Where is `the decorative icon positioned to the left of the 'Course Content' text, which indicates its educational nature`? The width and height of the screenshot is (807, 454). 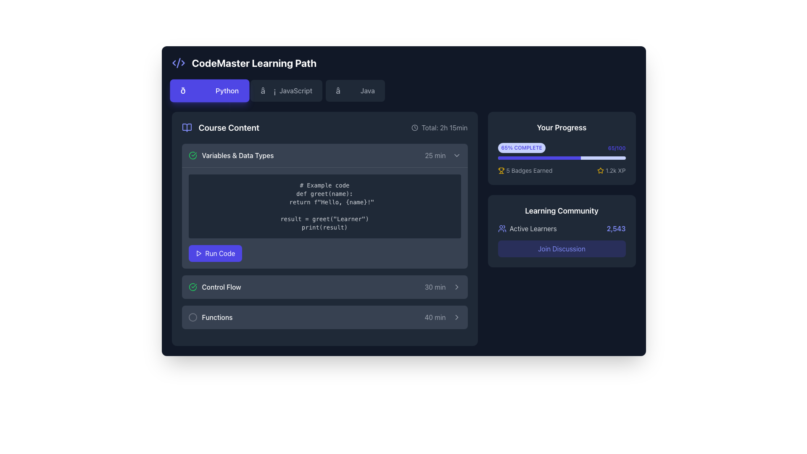 the decorative icon positioned to the left of the 'Course Content' text, which indicates its educational nature is located at coordinates (186, 128).